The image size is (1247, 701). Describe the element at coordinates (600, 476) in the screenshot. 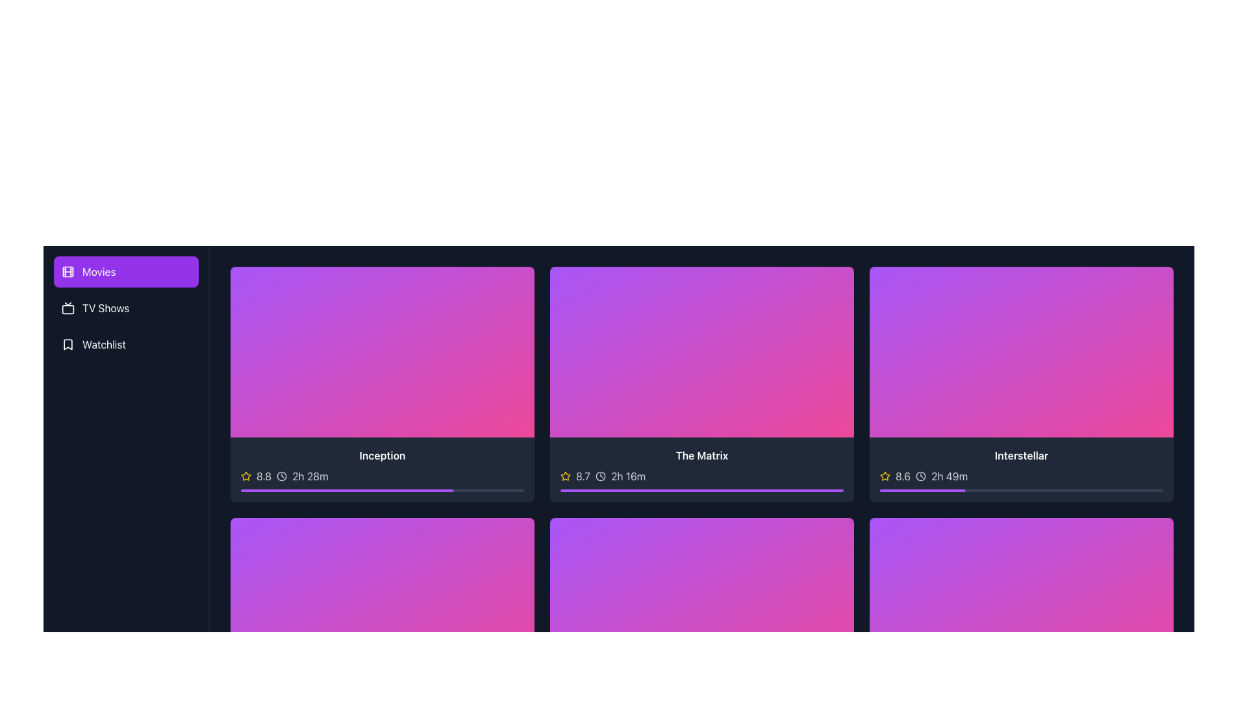

I see `the hollow circular component of the clock icon next to the duration text for 'The Matrix' in the second panel on the top row of the grid` at that location.